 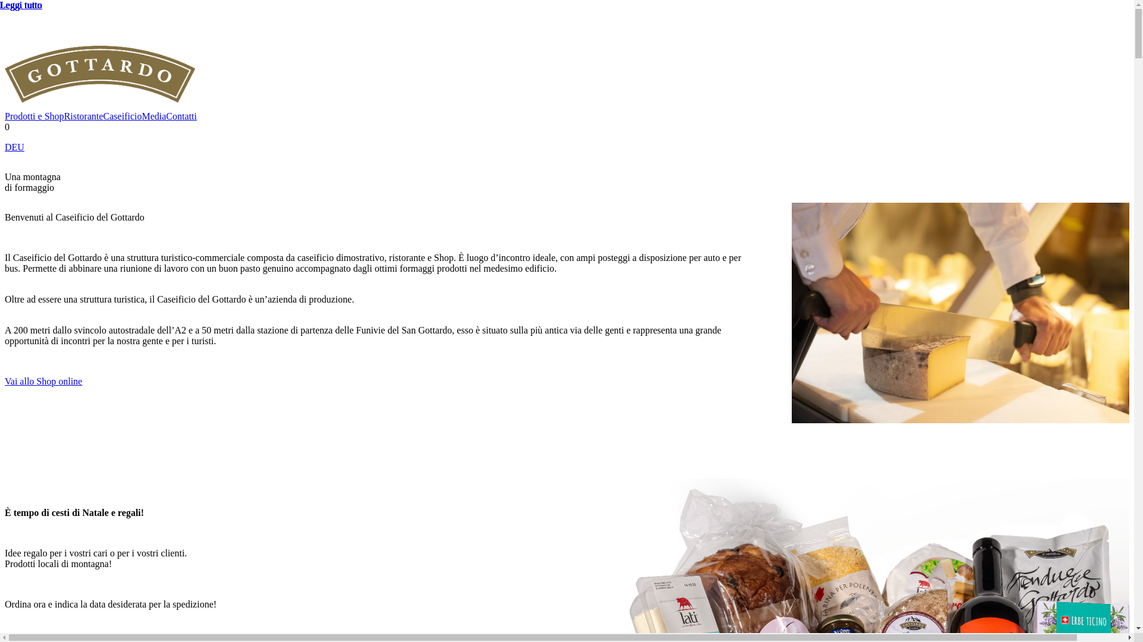 I want to click on 'Ristorante', so click(x=83, y=117).